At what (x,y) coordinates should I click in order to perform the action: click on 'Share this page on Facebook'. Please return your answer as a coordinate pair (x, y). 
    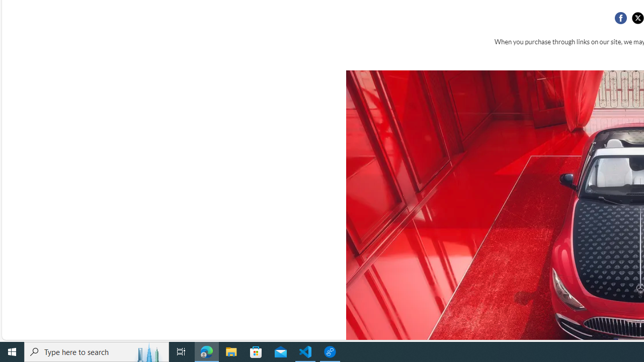
    Looking at the image, I should click on (620, 18).